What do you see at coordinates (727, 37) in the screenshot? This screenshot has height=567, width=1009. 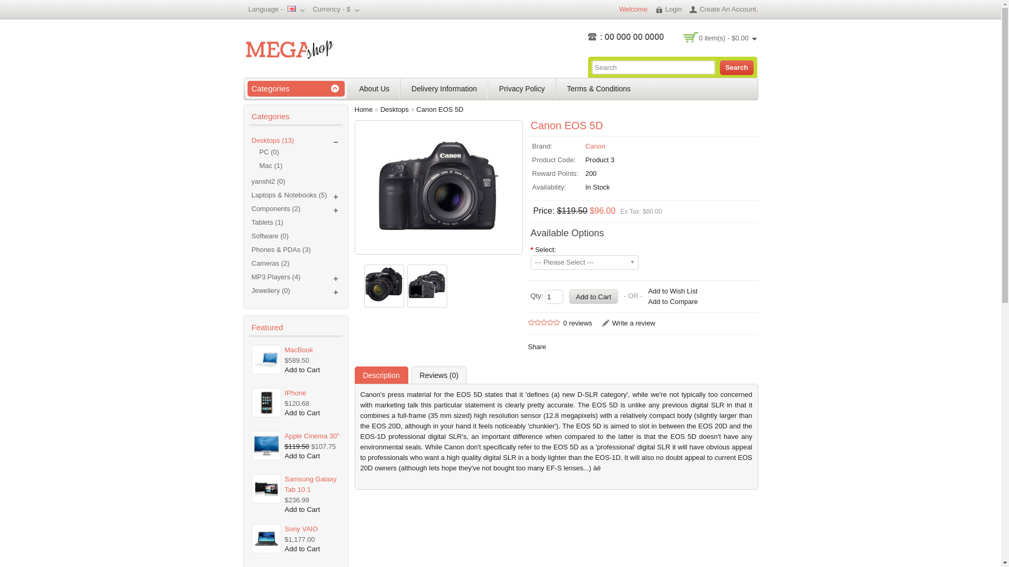 I see `'0 item(s) - $0.00'` at bounding box center [727, 37].